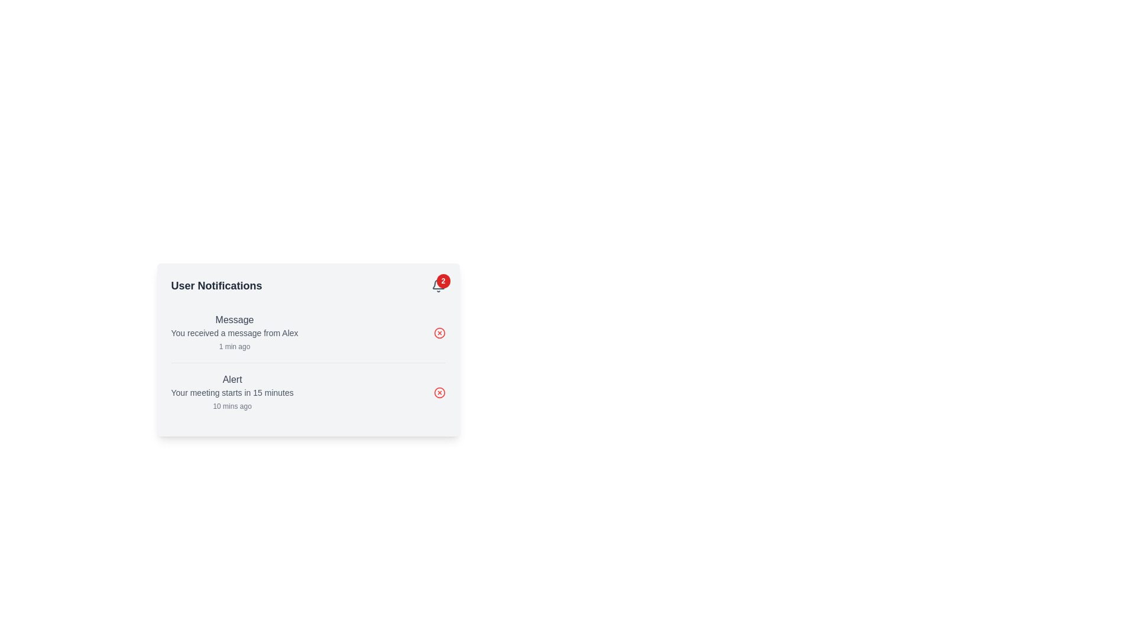 The image size is (1135, 638). I want to click on the Text Label that displays the timestamp of the notification, located at the bottom-right of the 'Alert' section, so click(232, 405).